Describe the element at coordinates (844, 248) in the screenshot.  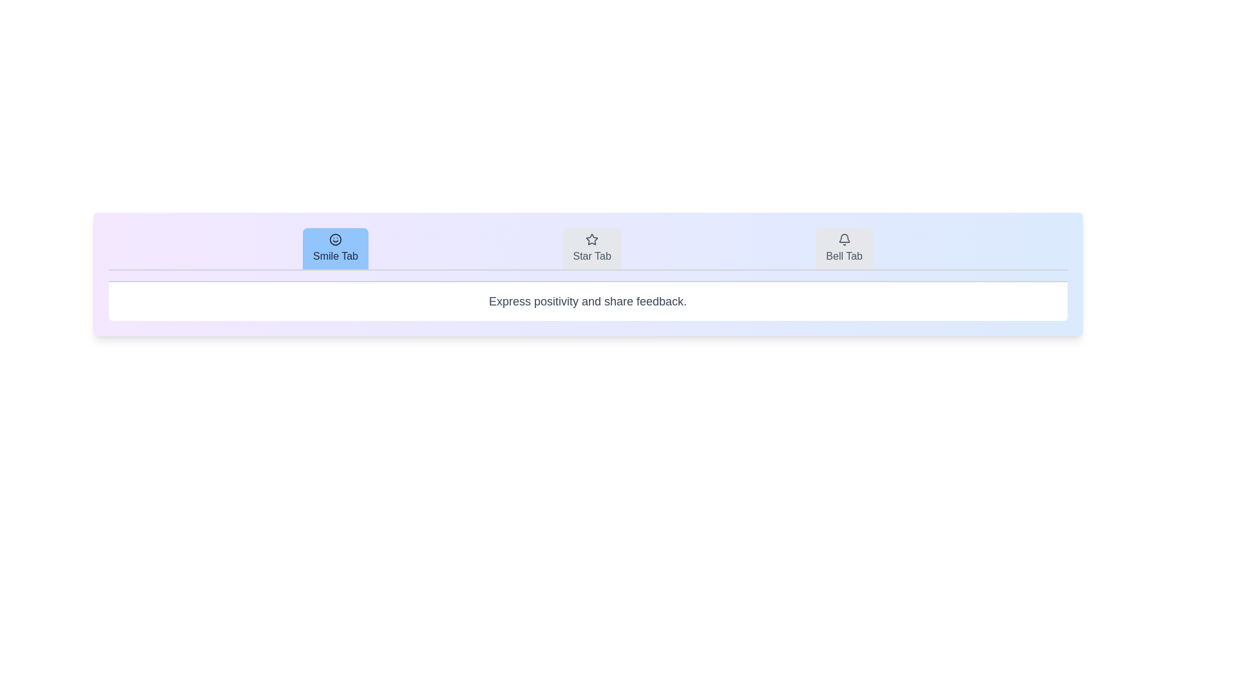
I see `the Bell Tab tab by clicking on it` at that location.